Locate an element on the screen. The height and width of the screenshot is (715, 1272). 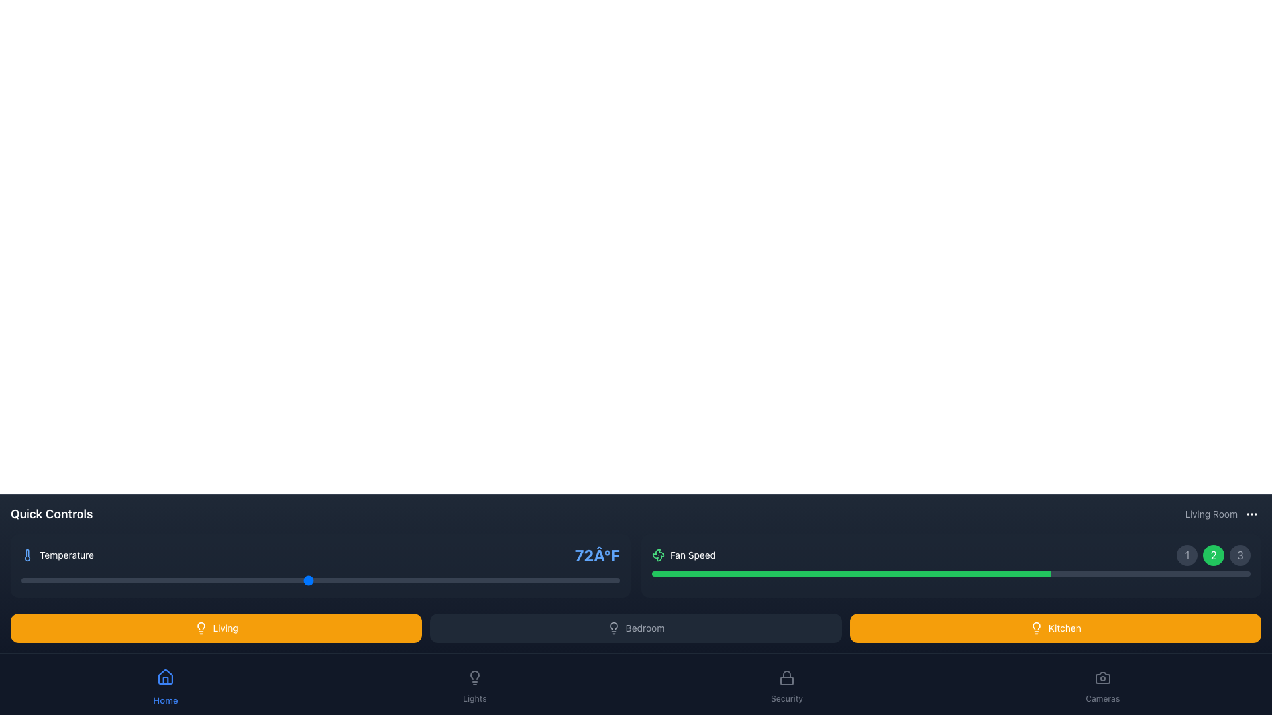
the temperature is located at coordinates (380, 579).